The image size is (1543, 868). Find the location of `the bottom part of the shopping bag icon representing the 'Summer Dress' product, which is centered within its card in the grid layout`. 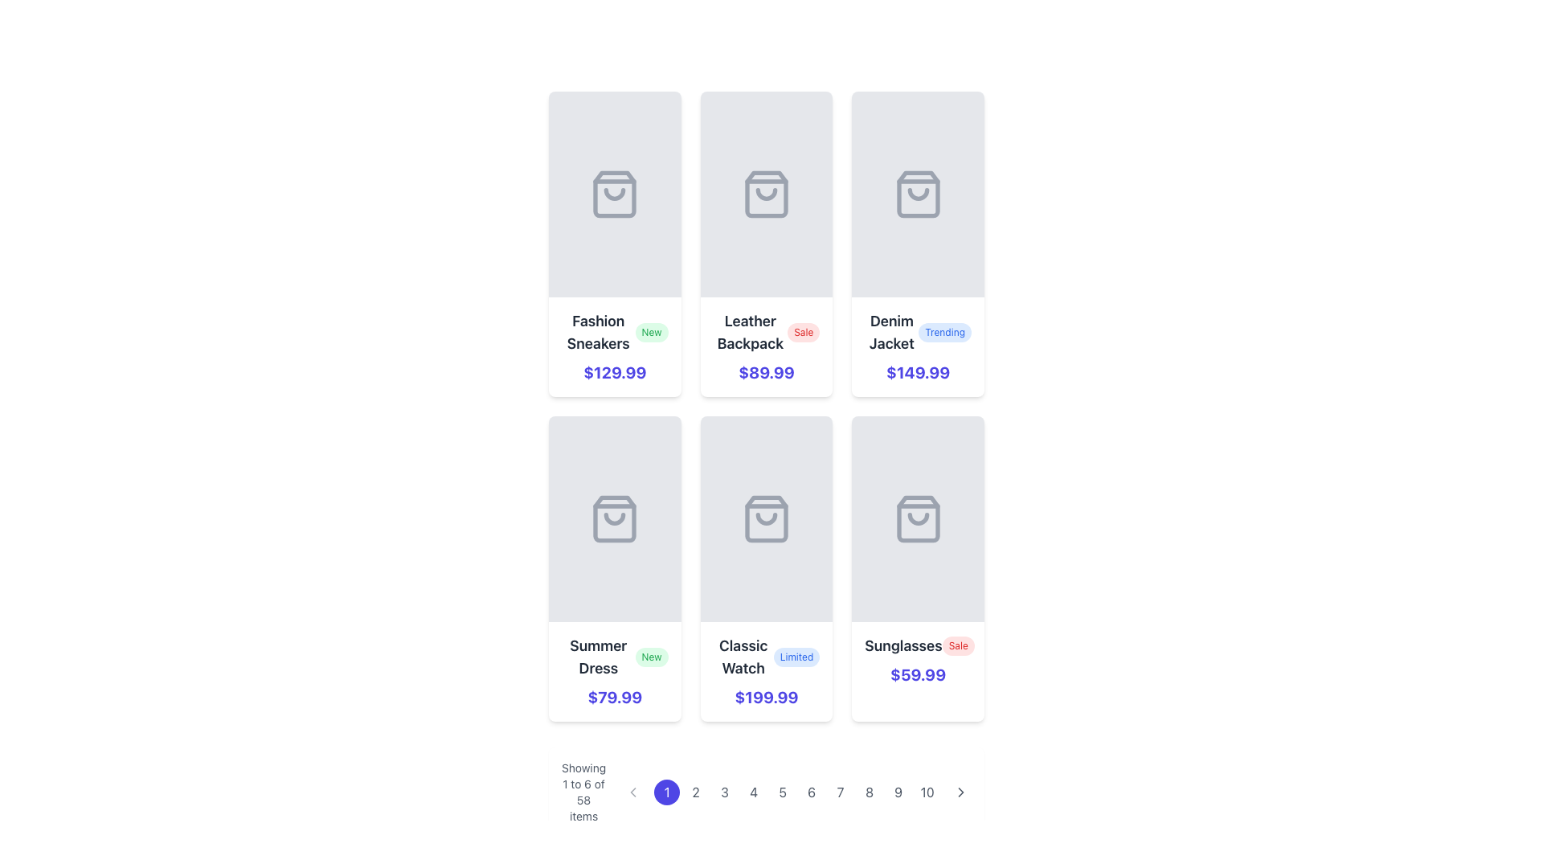

the bottom part of the shopping bag icon representing the 'Summer Dress' product, which is centered within its card in the grid layout is located at coordinates (614, 518).